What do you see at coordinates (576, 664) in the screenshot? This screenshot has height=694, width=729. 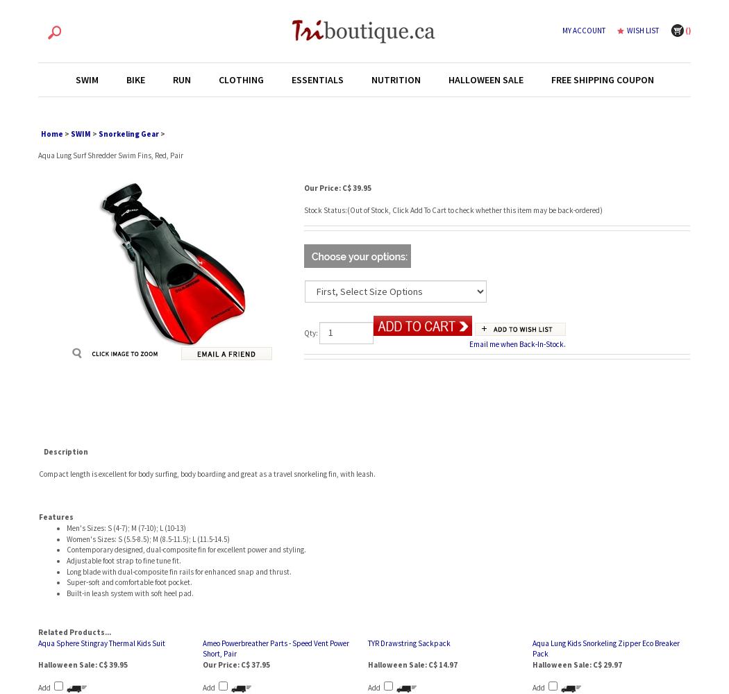 I see `'Halloween Sale: C$ 29.97'` at bounding box center [576, 664].